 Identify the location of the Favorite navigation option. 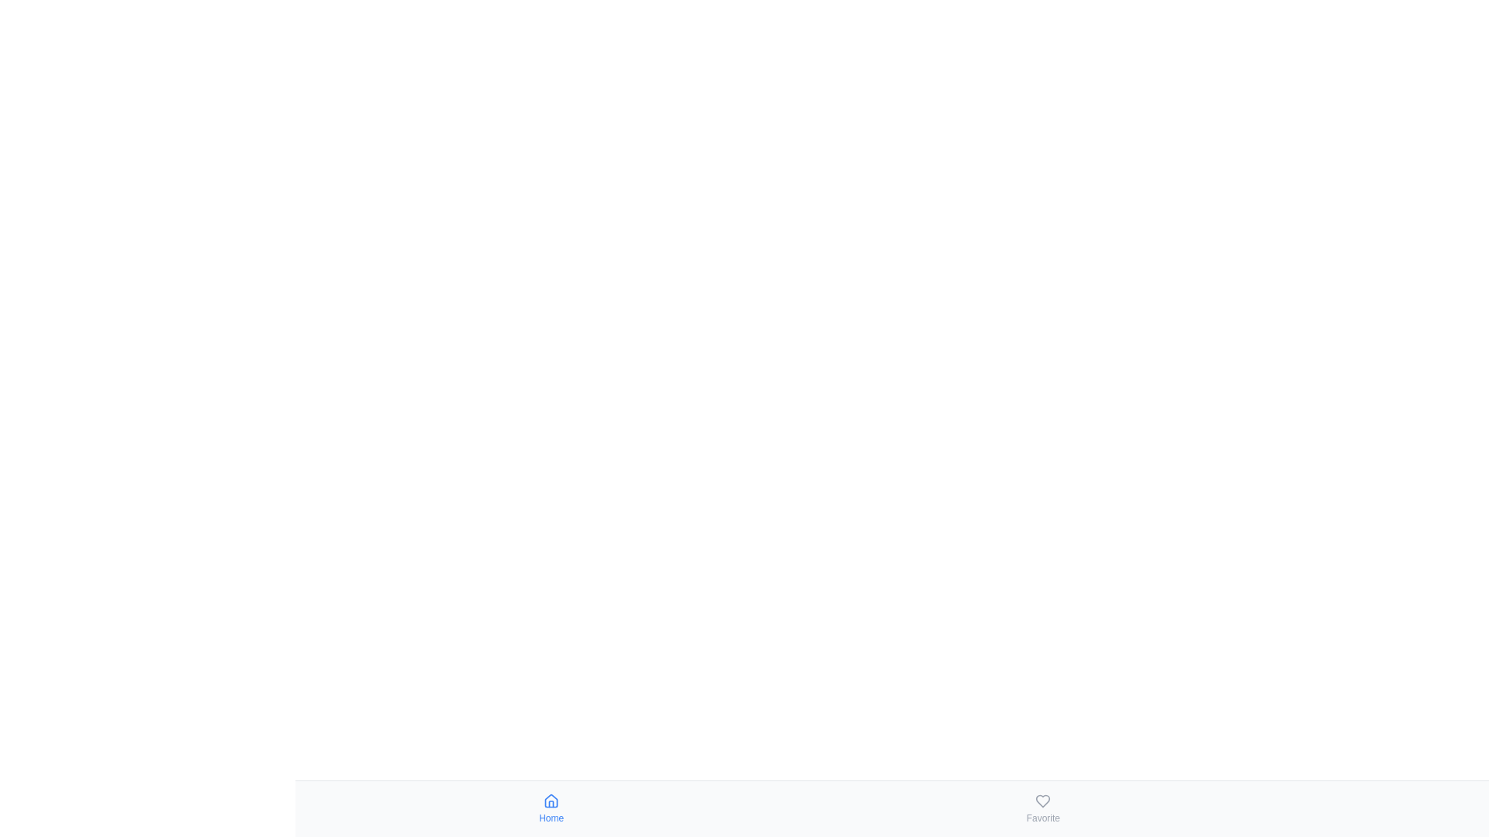
(1042, 808).